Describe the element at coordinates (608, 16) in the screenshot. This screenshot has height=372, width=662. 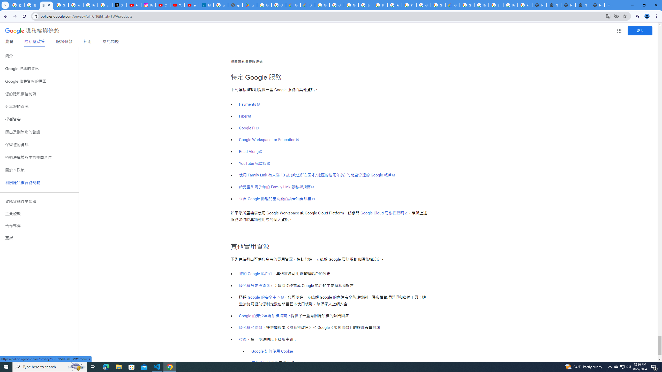
I see `'Translate this page'` at that location.